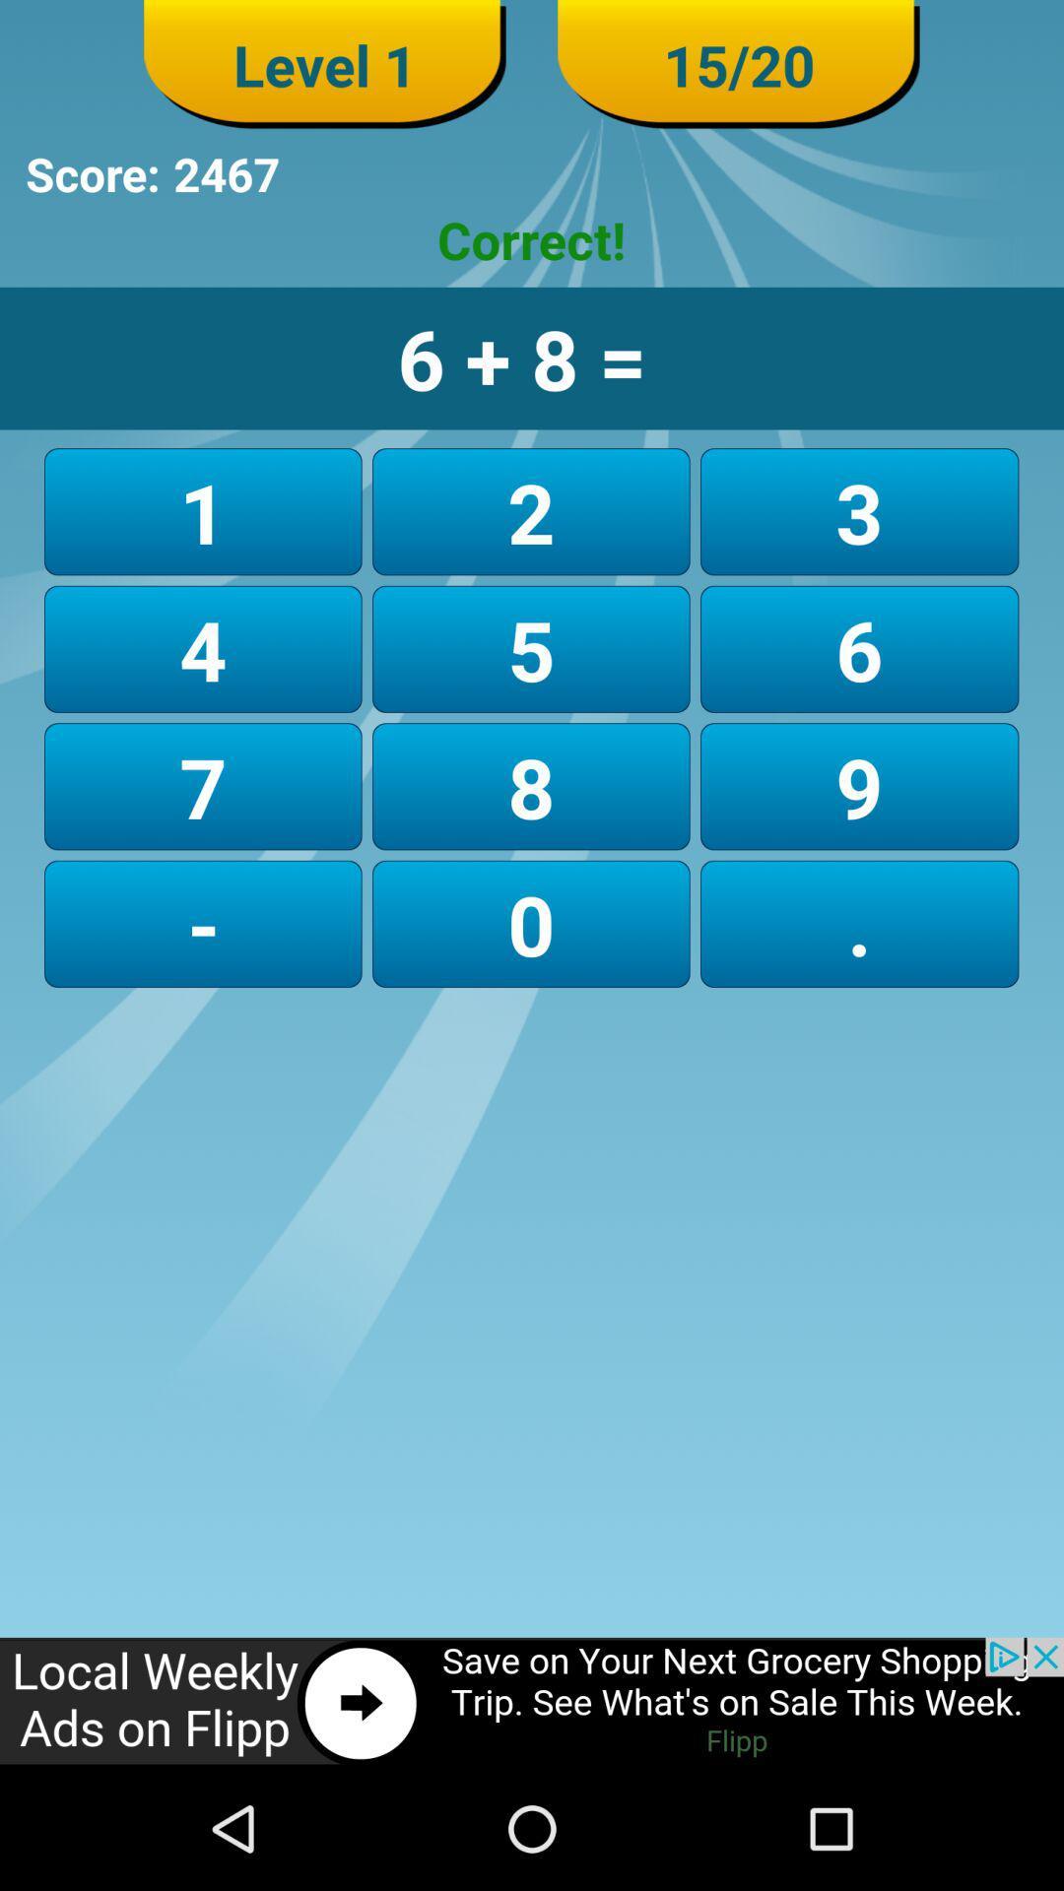 Image resolution: width=1064 pixels, height=1891 pixels. Describe the element at coordinates (530, 785) in the screenshot. I see `the second number in the third row which is immediately above 0` at that location.